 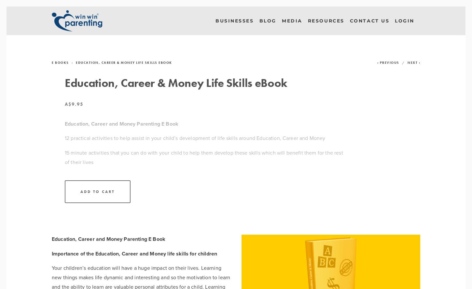 What do you see at coordinates (195, 138) in the screenshot?
I see `'12 practical activities to help assist in your child’s development of life skills around Education, Career and Money'` at bounding box center [195, 138].